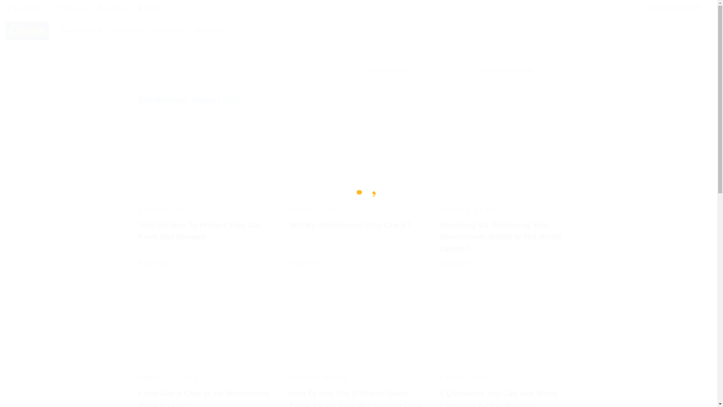 This screenshot has width=723, height=407. What do you see at coordinates (153, 8) in the screenshot?
I see `'FAQs'` at bounding box center [153, 8].